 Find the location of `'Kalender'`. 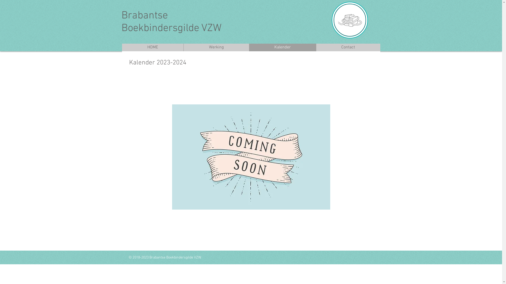

'Kalender' is located at coordinates (282, 47).